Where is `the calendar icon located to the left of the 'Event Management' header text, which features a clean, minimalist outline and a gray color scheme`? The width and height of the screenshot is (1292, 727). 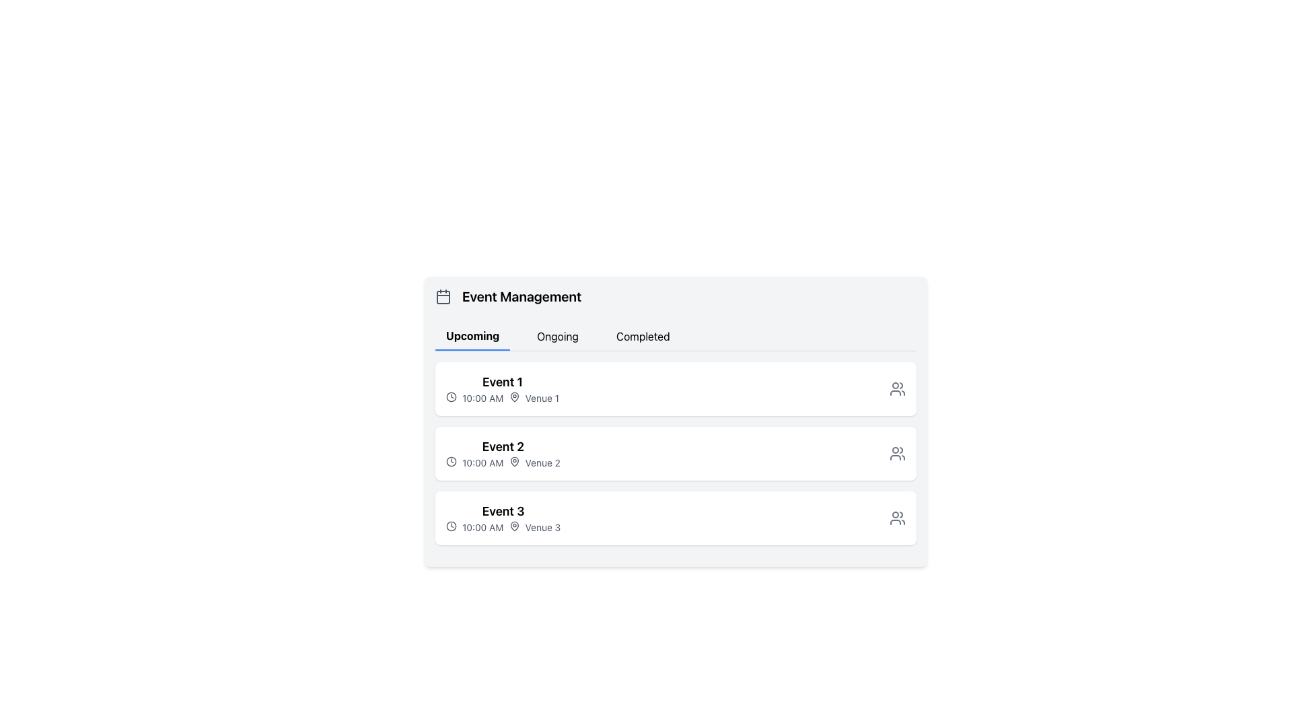
the calendar icon located to the left of the 'Event Management' header text, which features a clean, minimalist outline and a gray color scheme is located at coordinates (443, 296).